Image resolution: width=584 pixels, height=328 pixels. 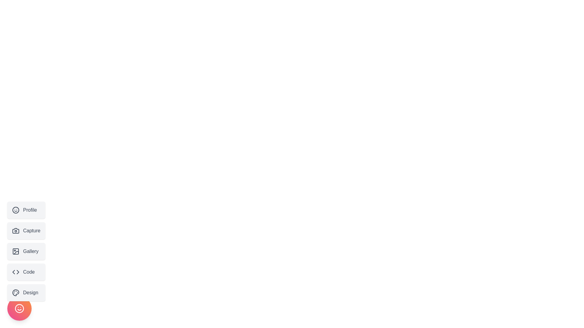 What do you see at coordinates (29, 272) in the screenshot?
I see `the 'Code' text label within the button component, which is the fourth button in a vertical stack located near the left-center of the interface` at bounding box center [29, 272].